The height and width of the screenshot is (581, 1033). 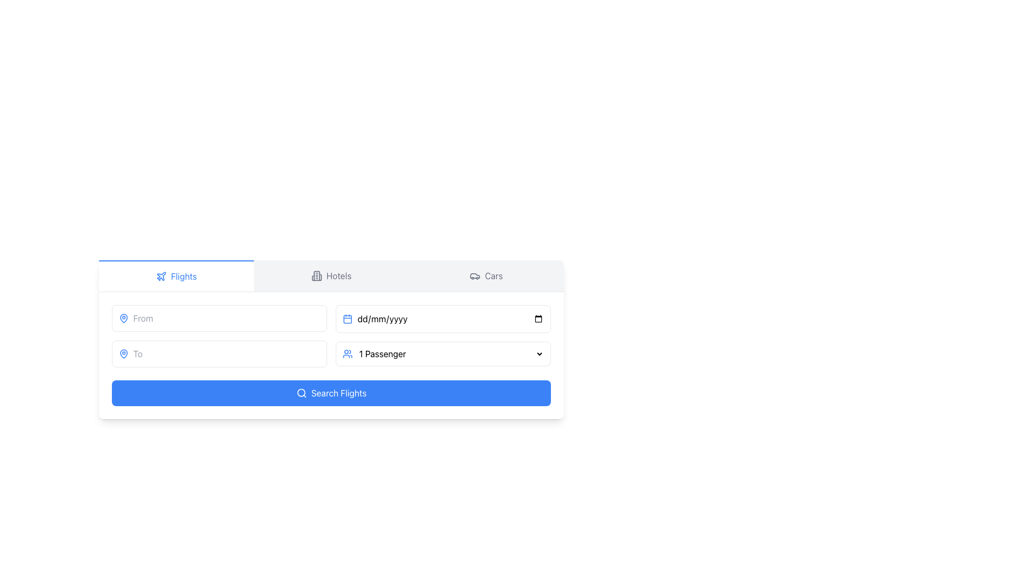 What do you see at coordinates (338, 393) in the screenshot?
I see `the text label within the blue button that initiates the flight search operation` at bounding box center [338, 393].